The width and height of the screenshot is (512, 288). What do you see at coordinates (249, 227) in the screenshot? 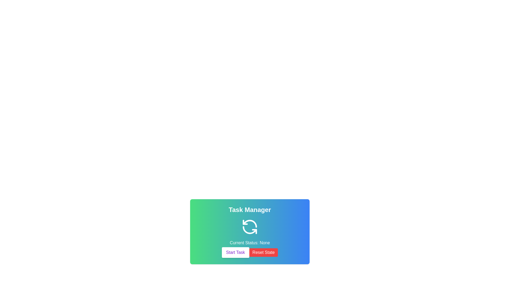
I see `the refresh icon, which is a circular icon with two counterclockwise arrows` at bounding box center [249, 227].